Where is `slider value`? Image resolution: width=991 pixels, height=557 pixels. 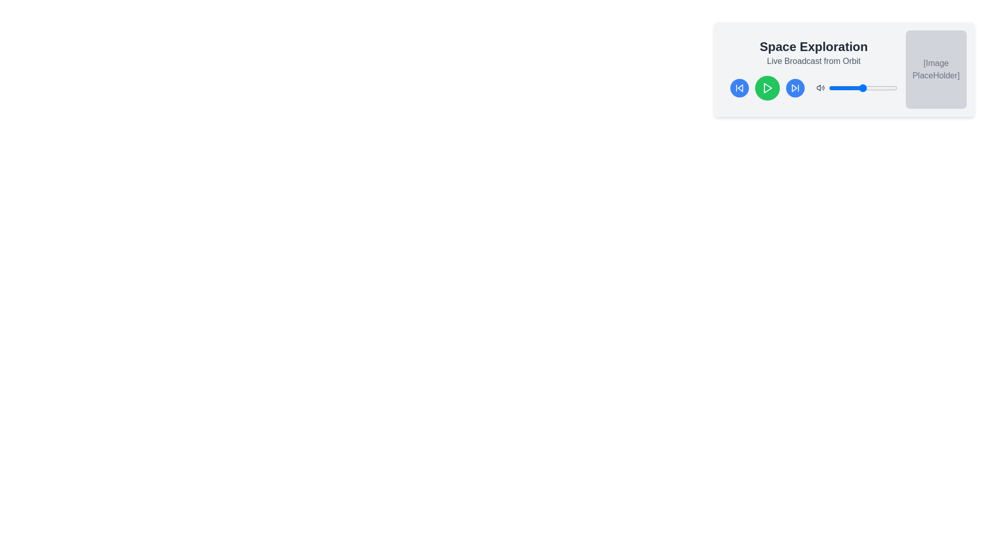 slider value is located at coordinates (884, 87).